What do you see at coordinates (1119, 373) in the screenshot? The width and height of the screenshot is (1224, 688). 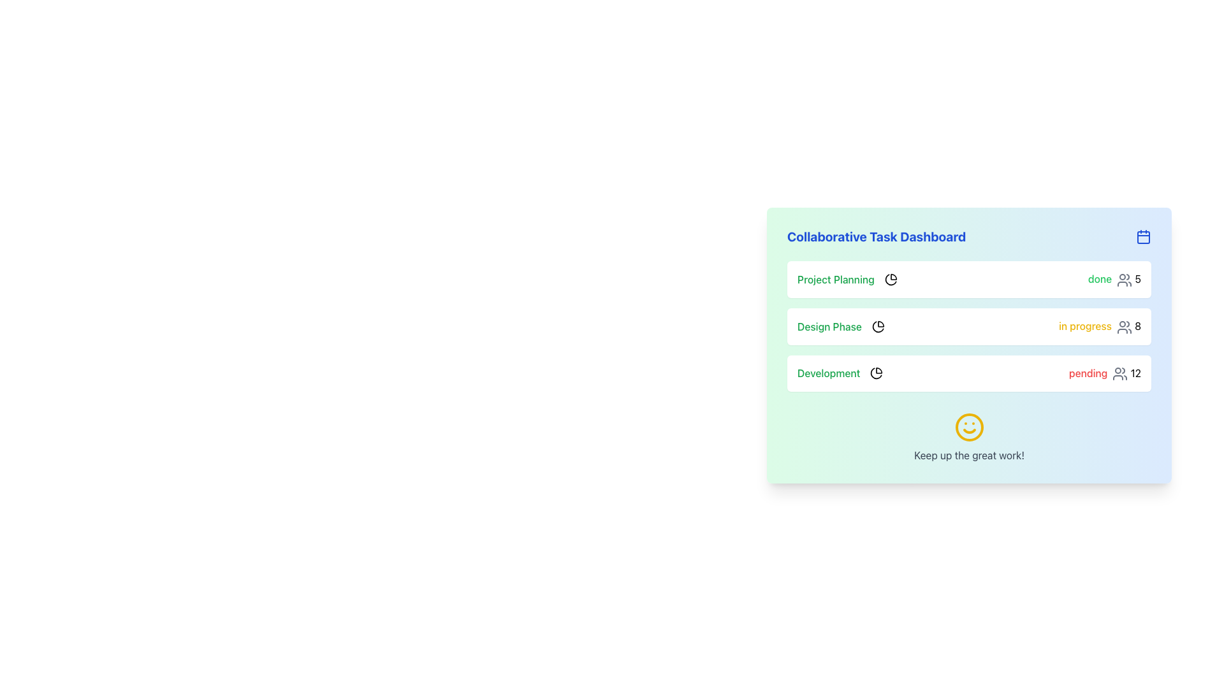 I see `the icon indicating the number of pending team members or tasks associated with the 'Development' status, located between the text 'pending' and the number '12' in the 'Collaborative Task Dashboard'` at bounding box center [1119, 373].